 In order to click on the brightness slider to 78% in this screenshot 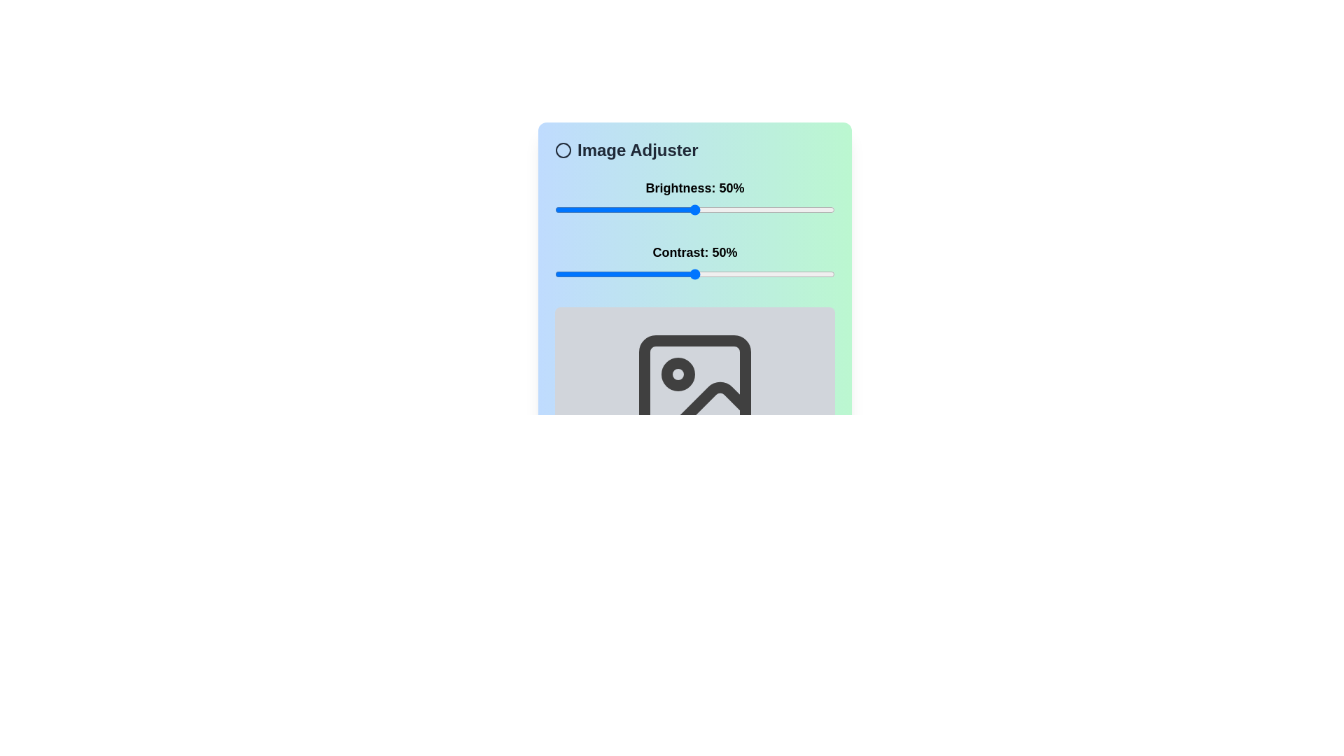, I will do `click(772, 210)`.